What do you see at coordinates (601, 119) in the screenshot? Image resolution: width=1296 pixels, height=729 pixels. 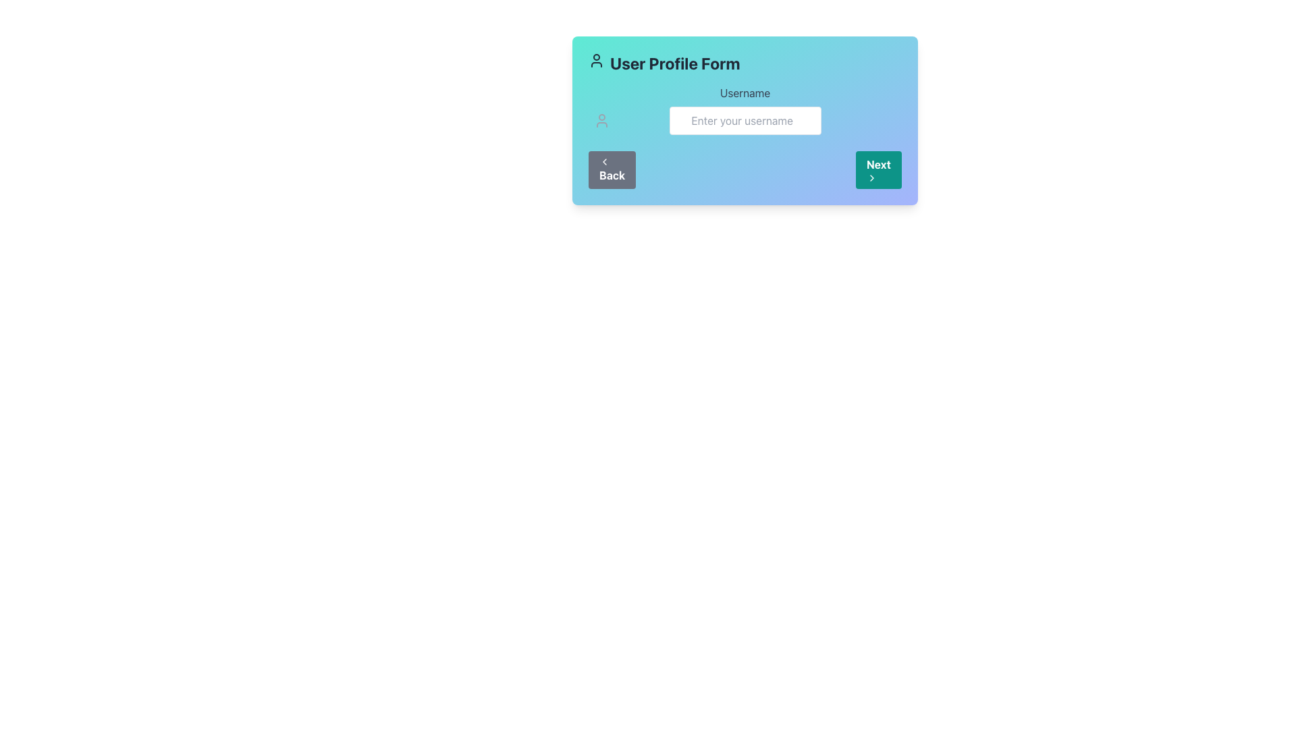 I see `the decorative user profile icon located to the left of the 'Enter your username' input field` at bounding box center [601, 119].